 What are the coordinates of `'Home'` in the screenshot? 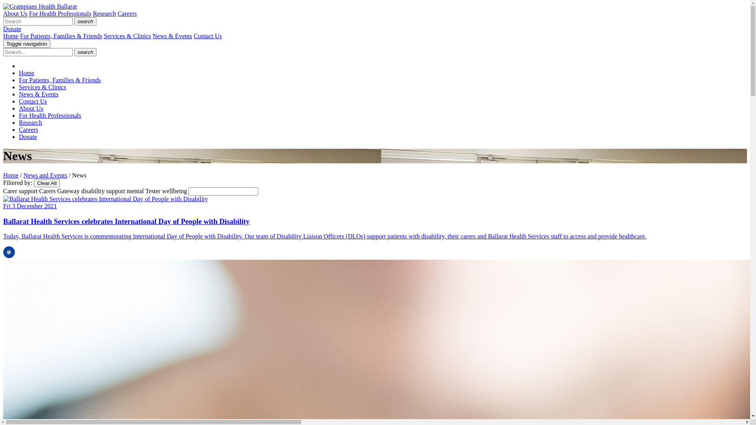 It's located at (11, 175).